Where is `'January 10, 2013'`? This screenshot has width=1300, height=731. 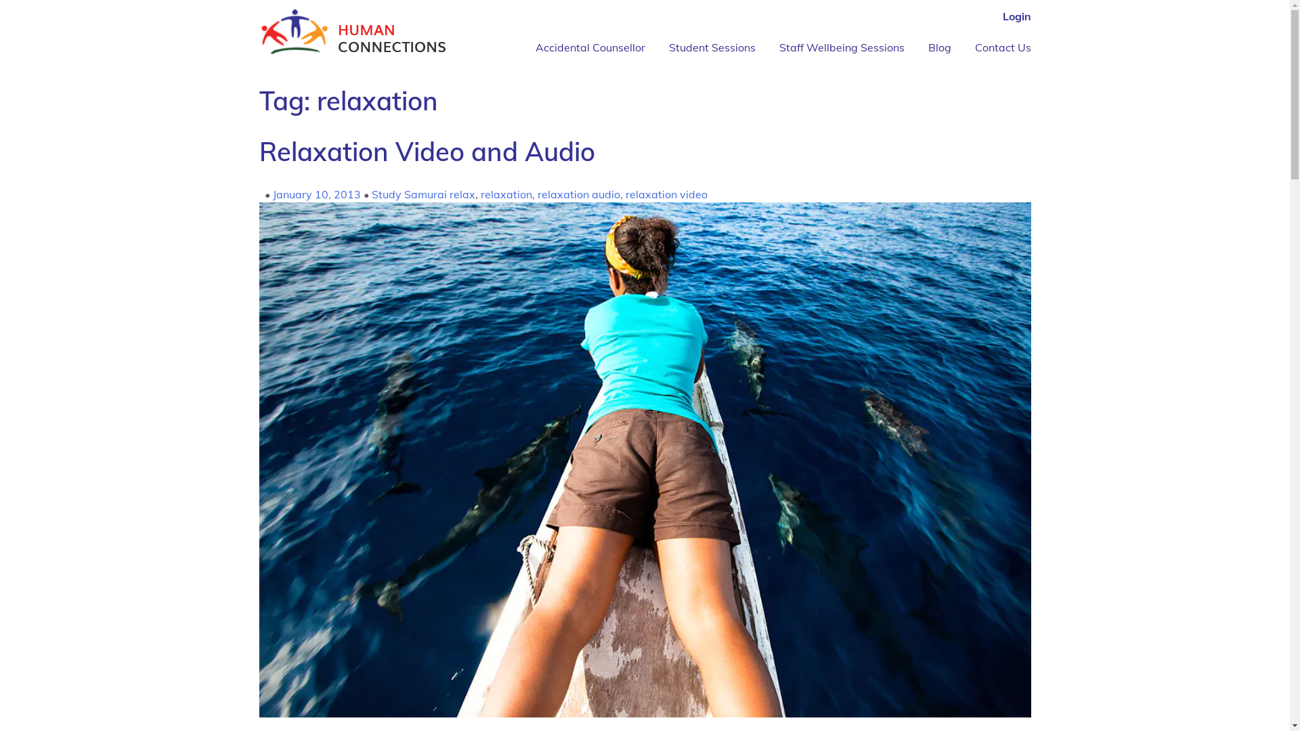 'January 10, 2013' is located at coordinates (315, 194).